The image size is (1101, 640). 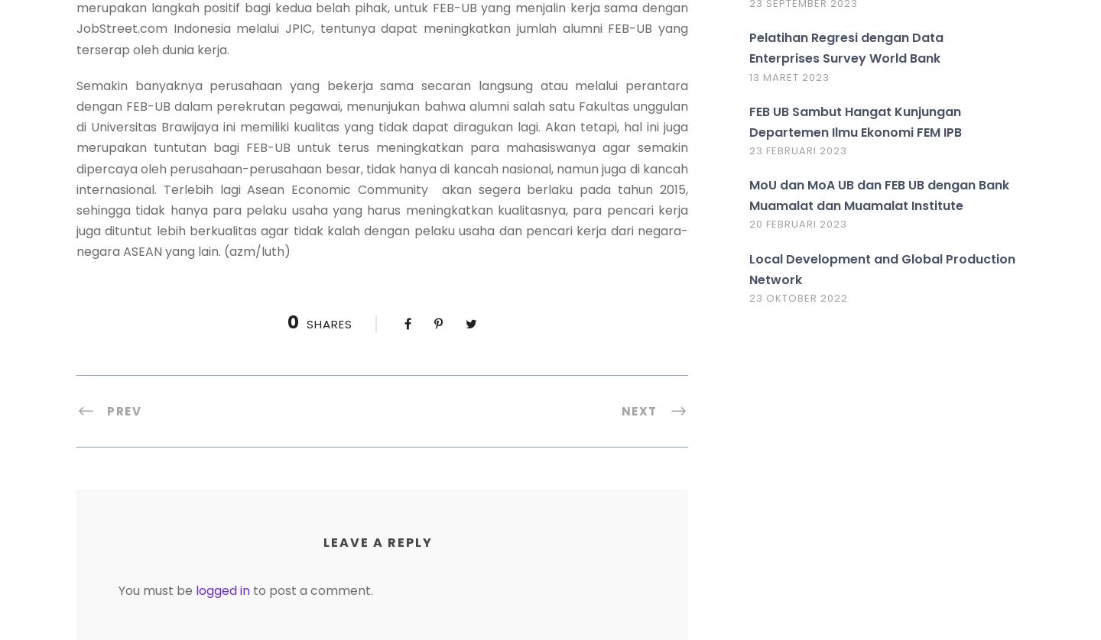 What do you see at coordinates (157, 589) in the screenshot?
I see `'You must be'` at bounding box center [157, 589].